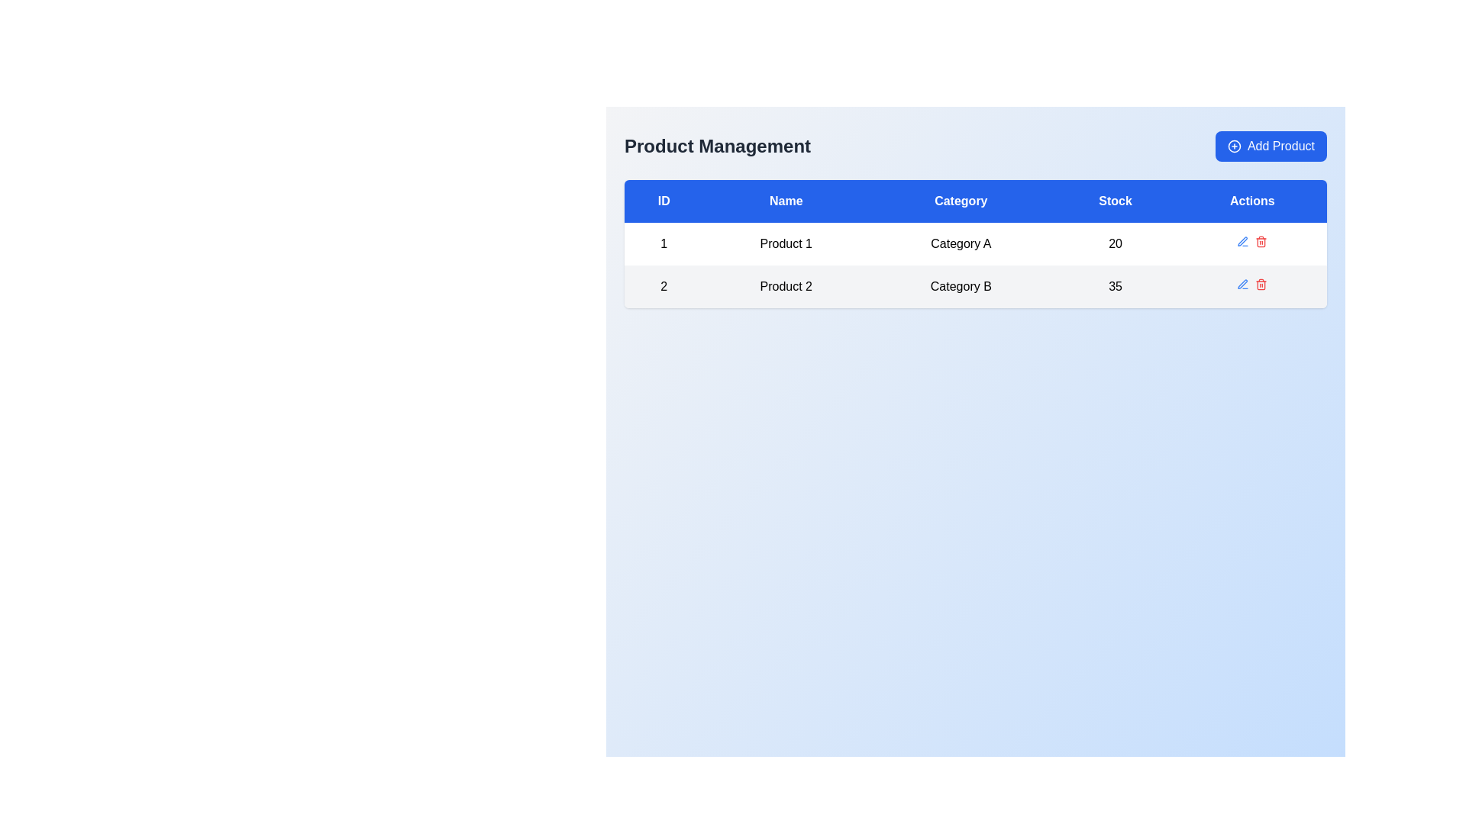 The height and width of the screenshot is (824, 1466). What do you see at coordinates (1242, 284) in the screenshot?
I see `the edit button located in the second row of the Actions column in the table` at bounding box center [1242, 284].